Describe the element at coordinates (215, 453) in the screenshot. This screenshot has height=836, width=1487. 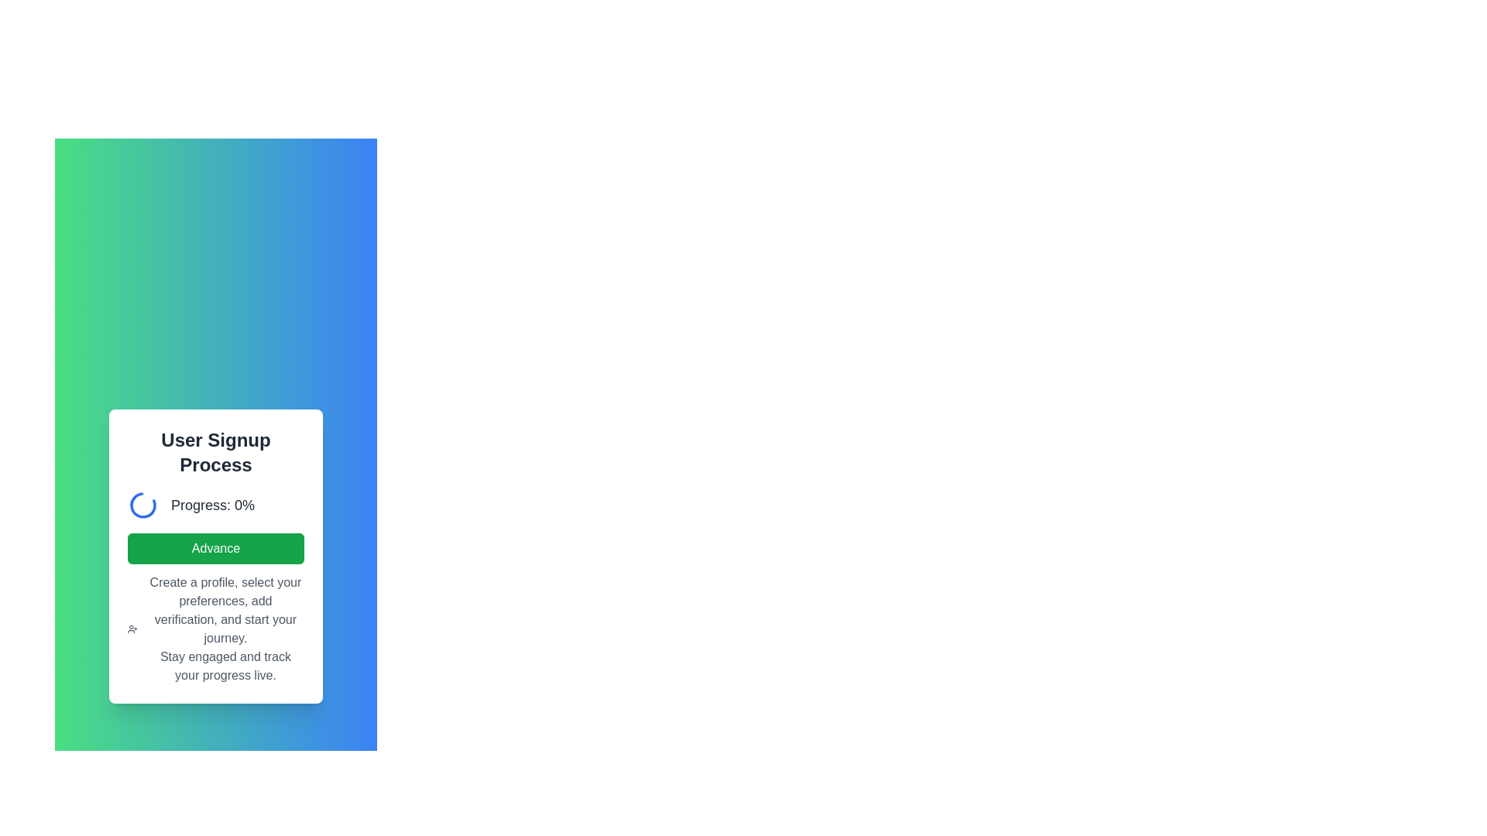
I see `the heading text element located at the top-center of the card-like component, which is purely informational and introduces the section's purpose` at that location.